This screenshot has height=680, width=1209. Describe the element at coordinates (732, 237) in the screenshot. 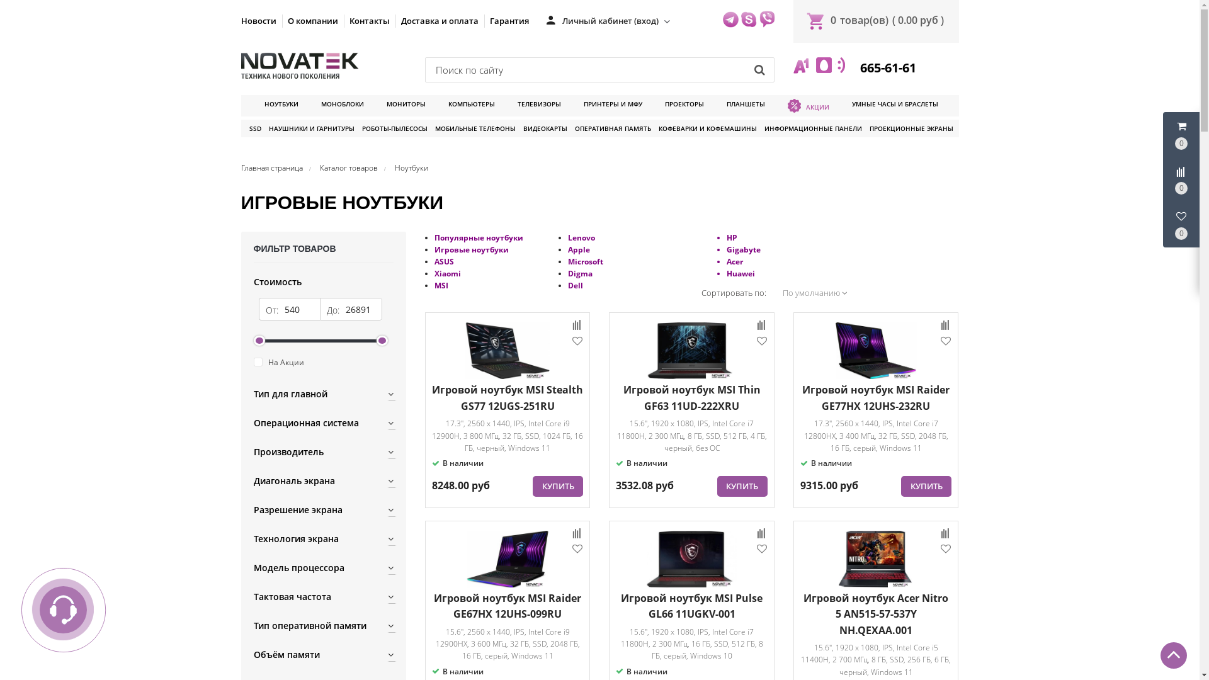

I see `'HP'` at that location.